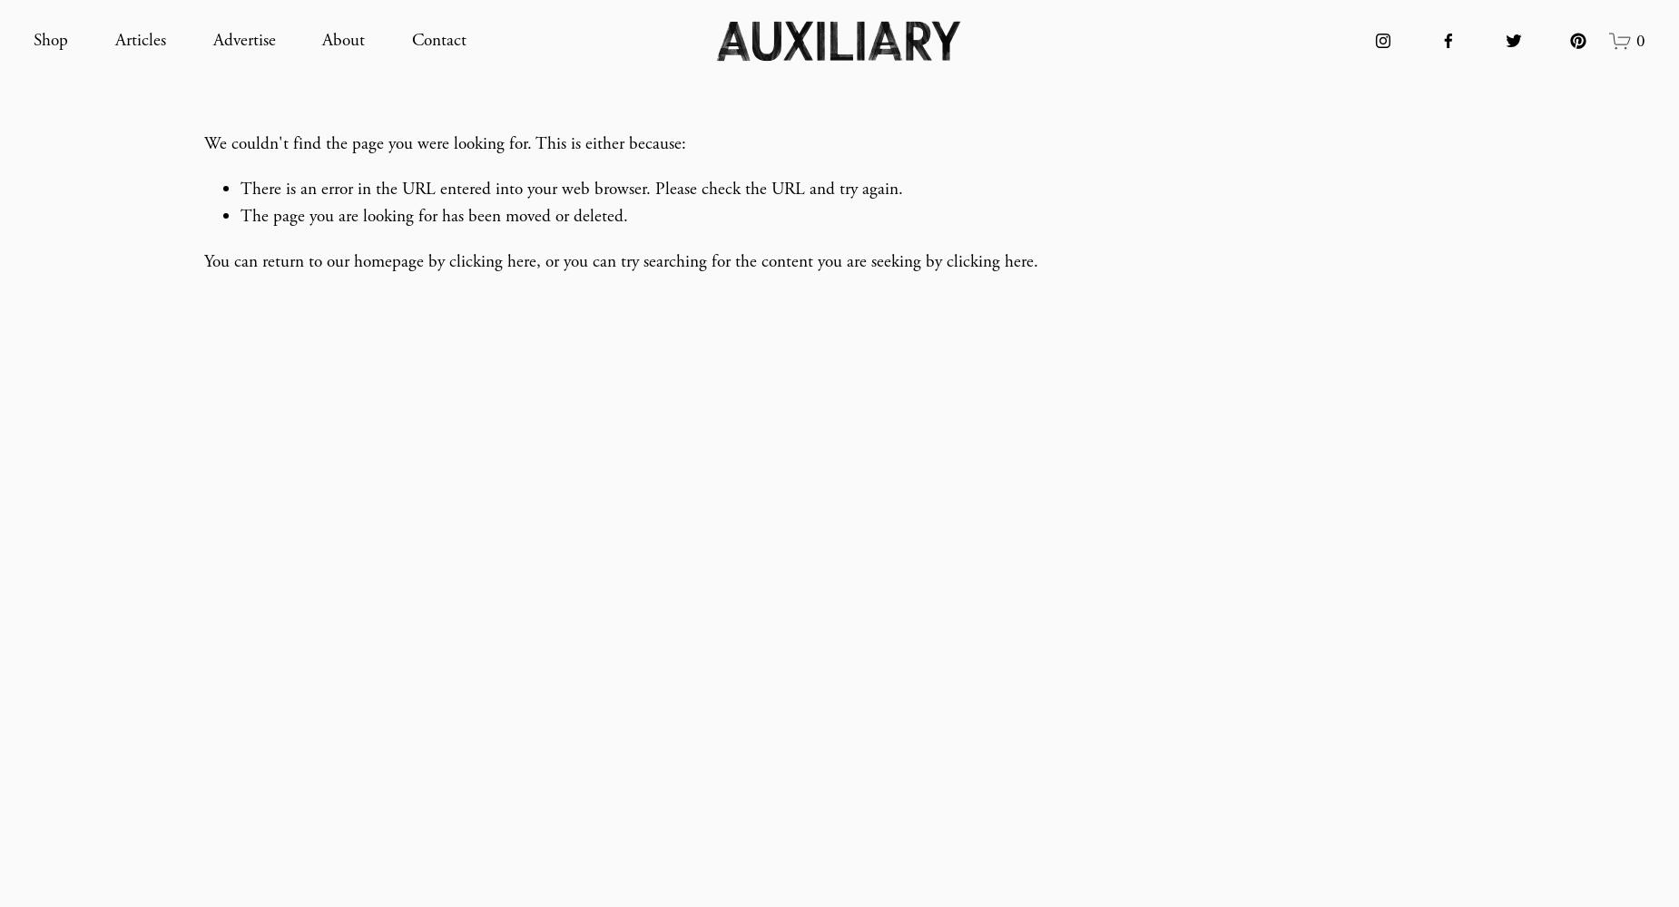 The image size is (1679, 907). Describe the element at coordinates (438, 39) in the screenshot. I see `'Contact'` at that location.